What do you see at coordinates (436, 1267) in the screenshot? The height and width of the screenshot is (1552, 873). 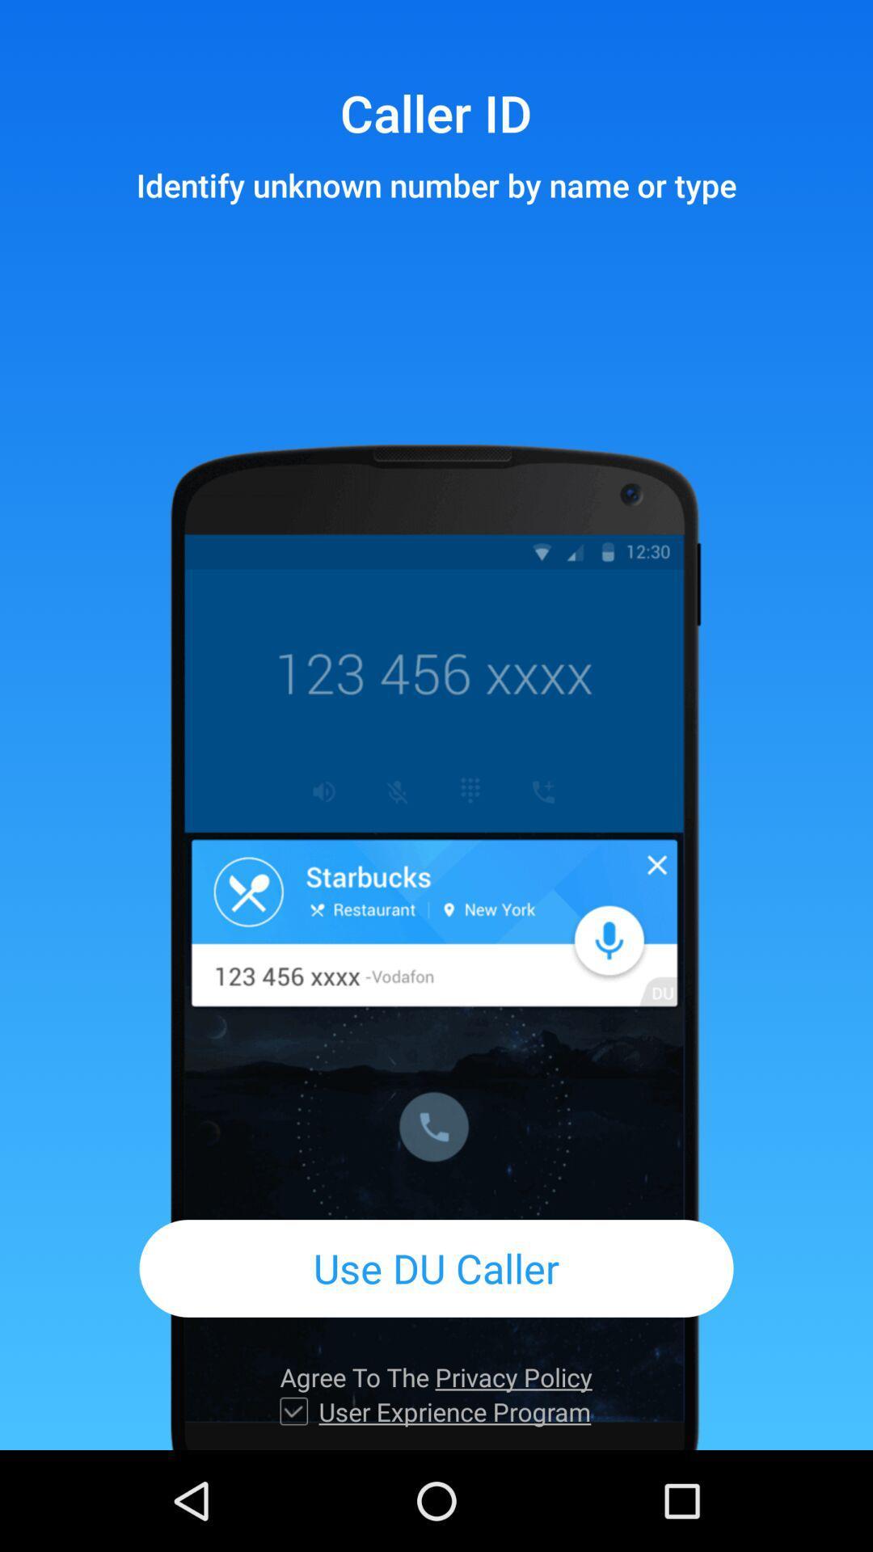 I see `the use du caller app` at bounding box center [436, 1267].